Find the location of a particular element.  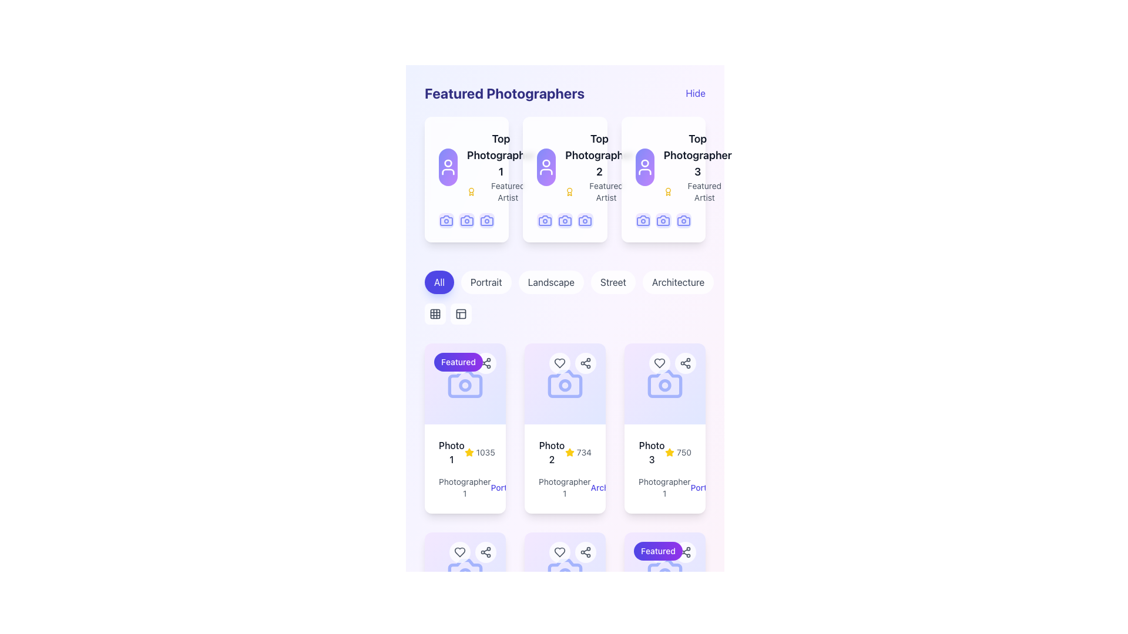

the small circular shape that serves as the lens indicator in the camera icon located in the bottom row of the 'Featured' section, specifically in the third column from the left is located at coordinates (665, 574).